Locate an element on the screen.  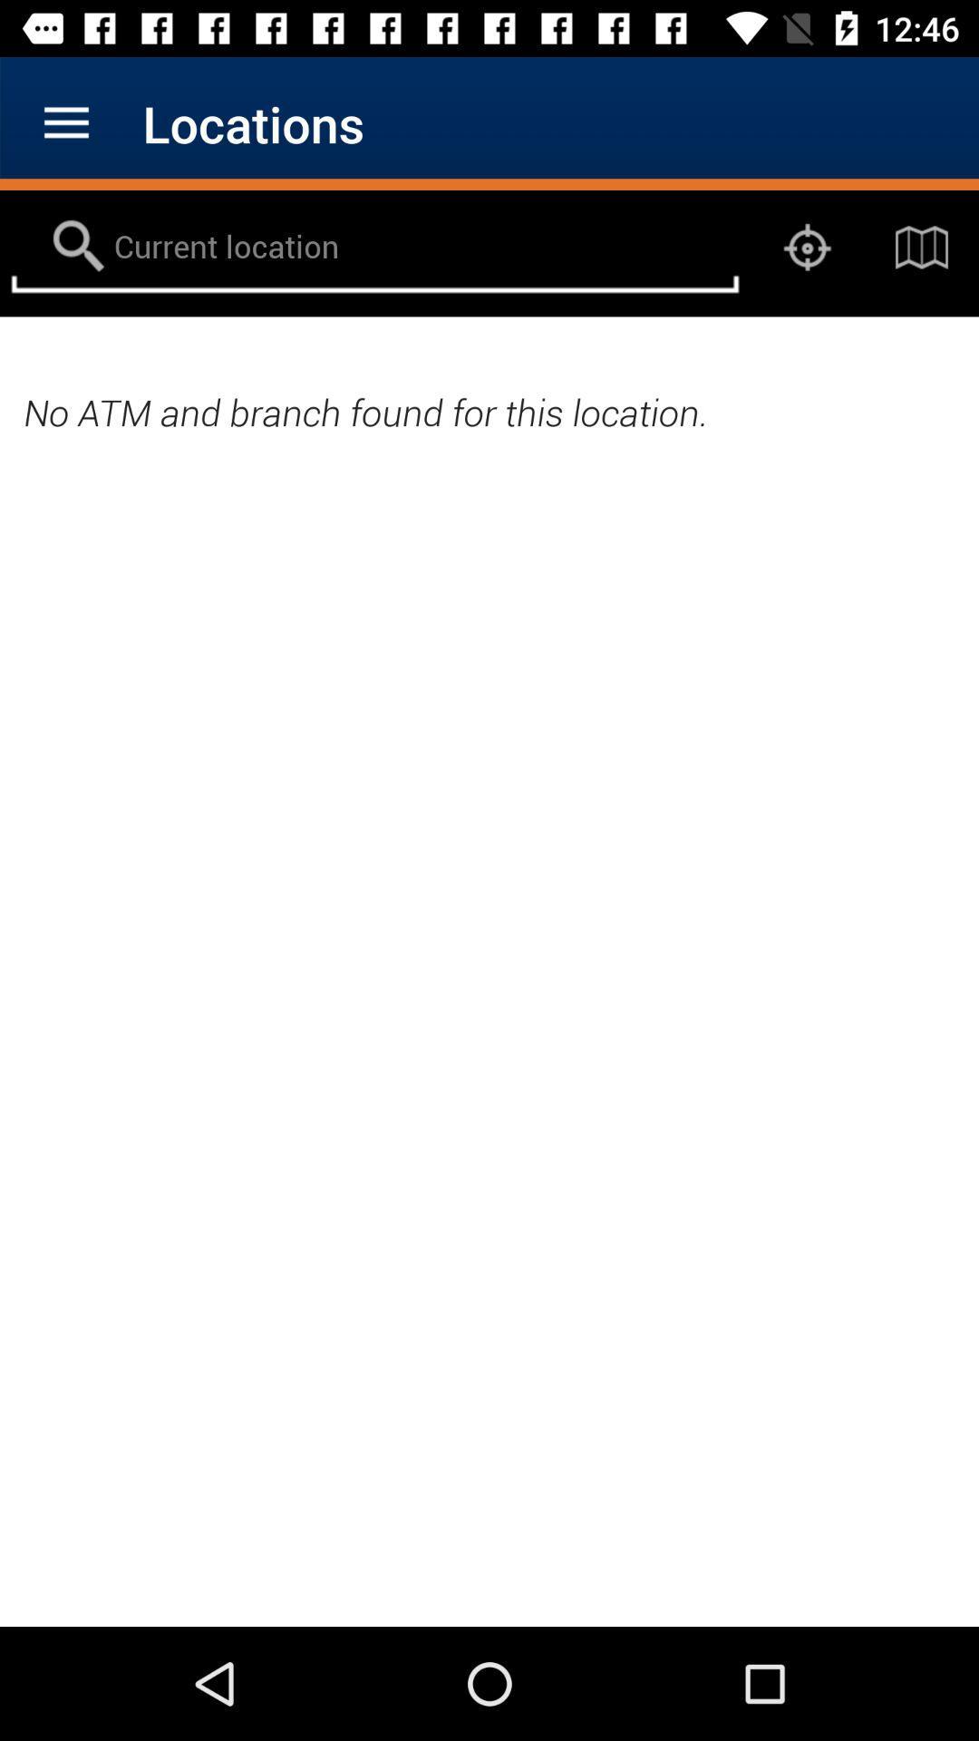
type in your location is located at coordinates (373, 247).